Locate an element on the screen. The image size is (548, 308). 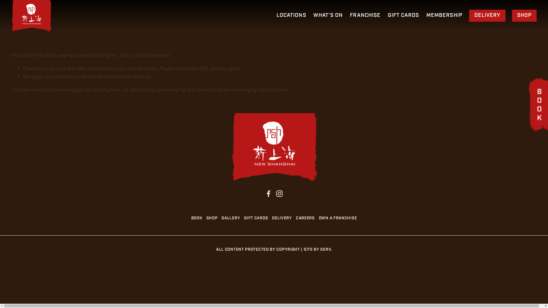
'GIFT CARDS' is located at coordinates (403, 15).